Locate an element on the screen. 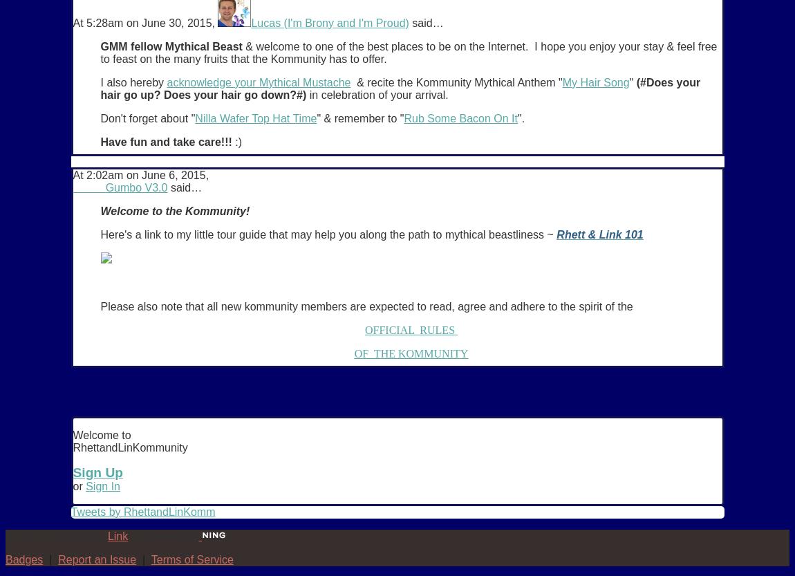  '© 2023               Created by' is located at coordinates (55, 535).